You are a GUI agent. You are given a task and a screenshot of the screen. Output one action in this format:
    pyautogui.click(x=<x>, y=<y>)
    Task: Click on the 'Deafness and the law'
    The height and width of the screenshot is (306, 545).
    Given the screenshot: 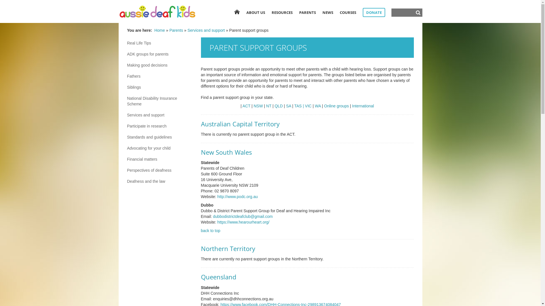 What is the action you would take?
    pyautogui.click(x=159, y=181)
    